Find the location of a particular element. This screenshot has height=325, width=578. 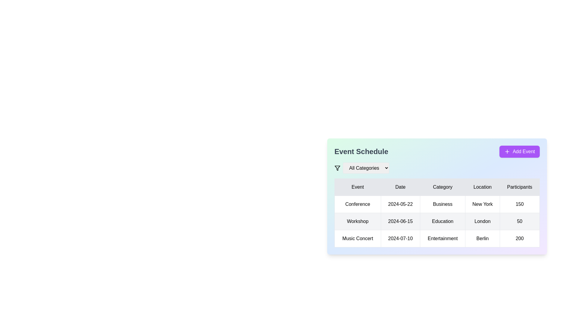

the text label that displays 'London' within the second row of a table, specifically in the 'Location' column, which is styled with a light gray background and has a rectangular shape is located at coordinates (483, 221).